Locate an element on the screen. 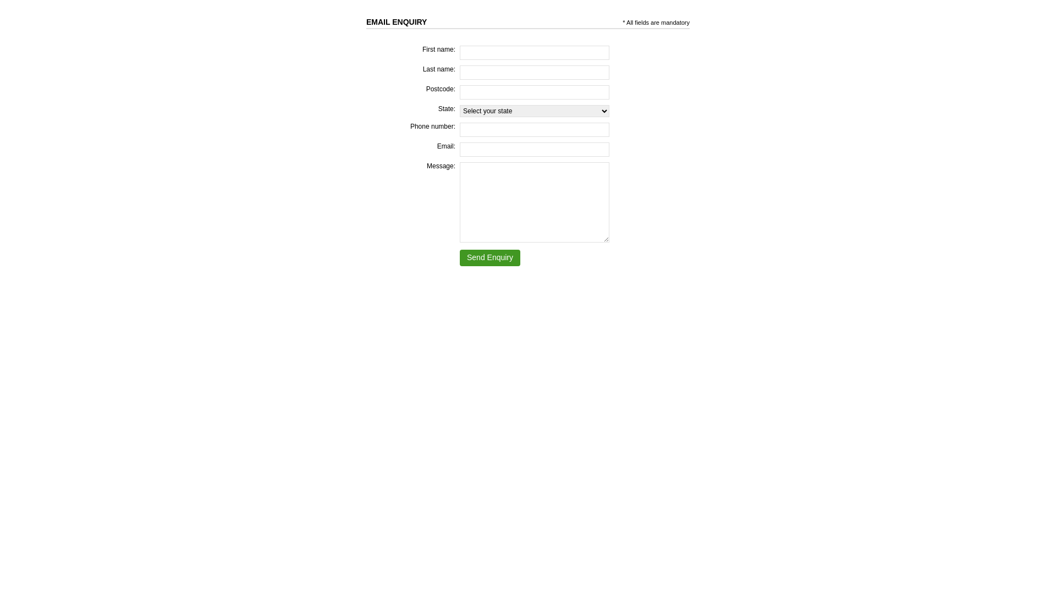 Image resolution: width=1056 pixels, height=594 pixels. 'Send Enquiry' is located at coordinates (459, 258).